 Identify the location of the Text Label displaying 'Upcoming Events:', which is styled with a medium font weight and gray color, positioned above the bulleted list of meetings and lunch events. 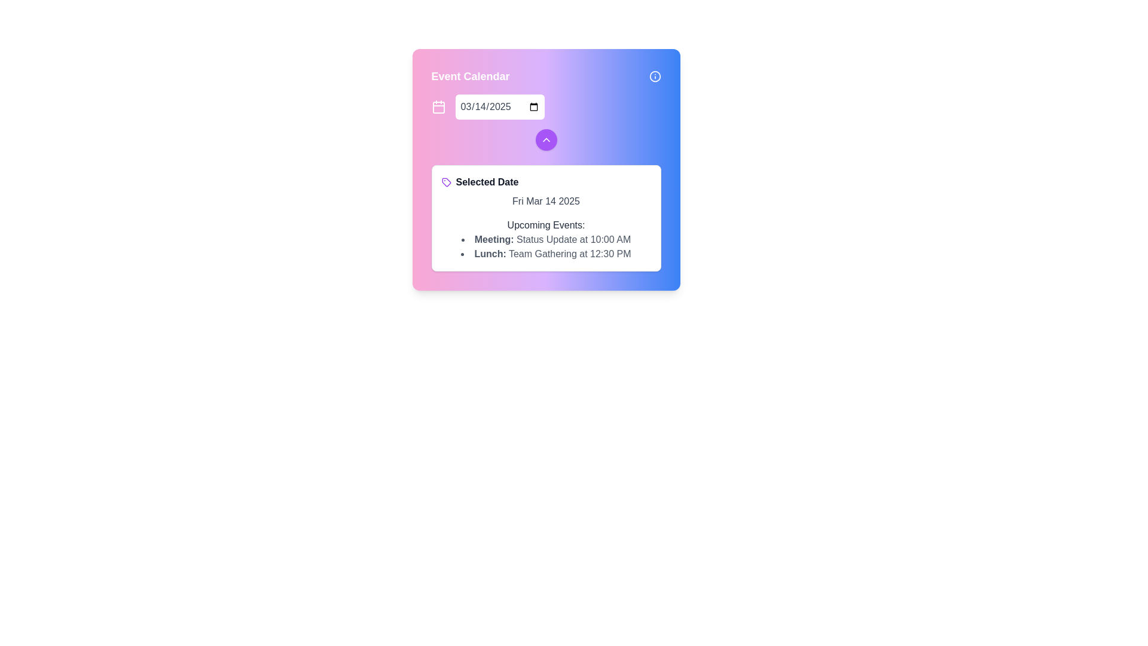
(545, 226).